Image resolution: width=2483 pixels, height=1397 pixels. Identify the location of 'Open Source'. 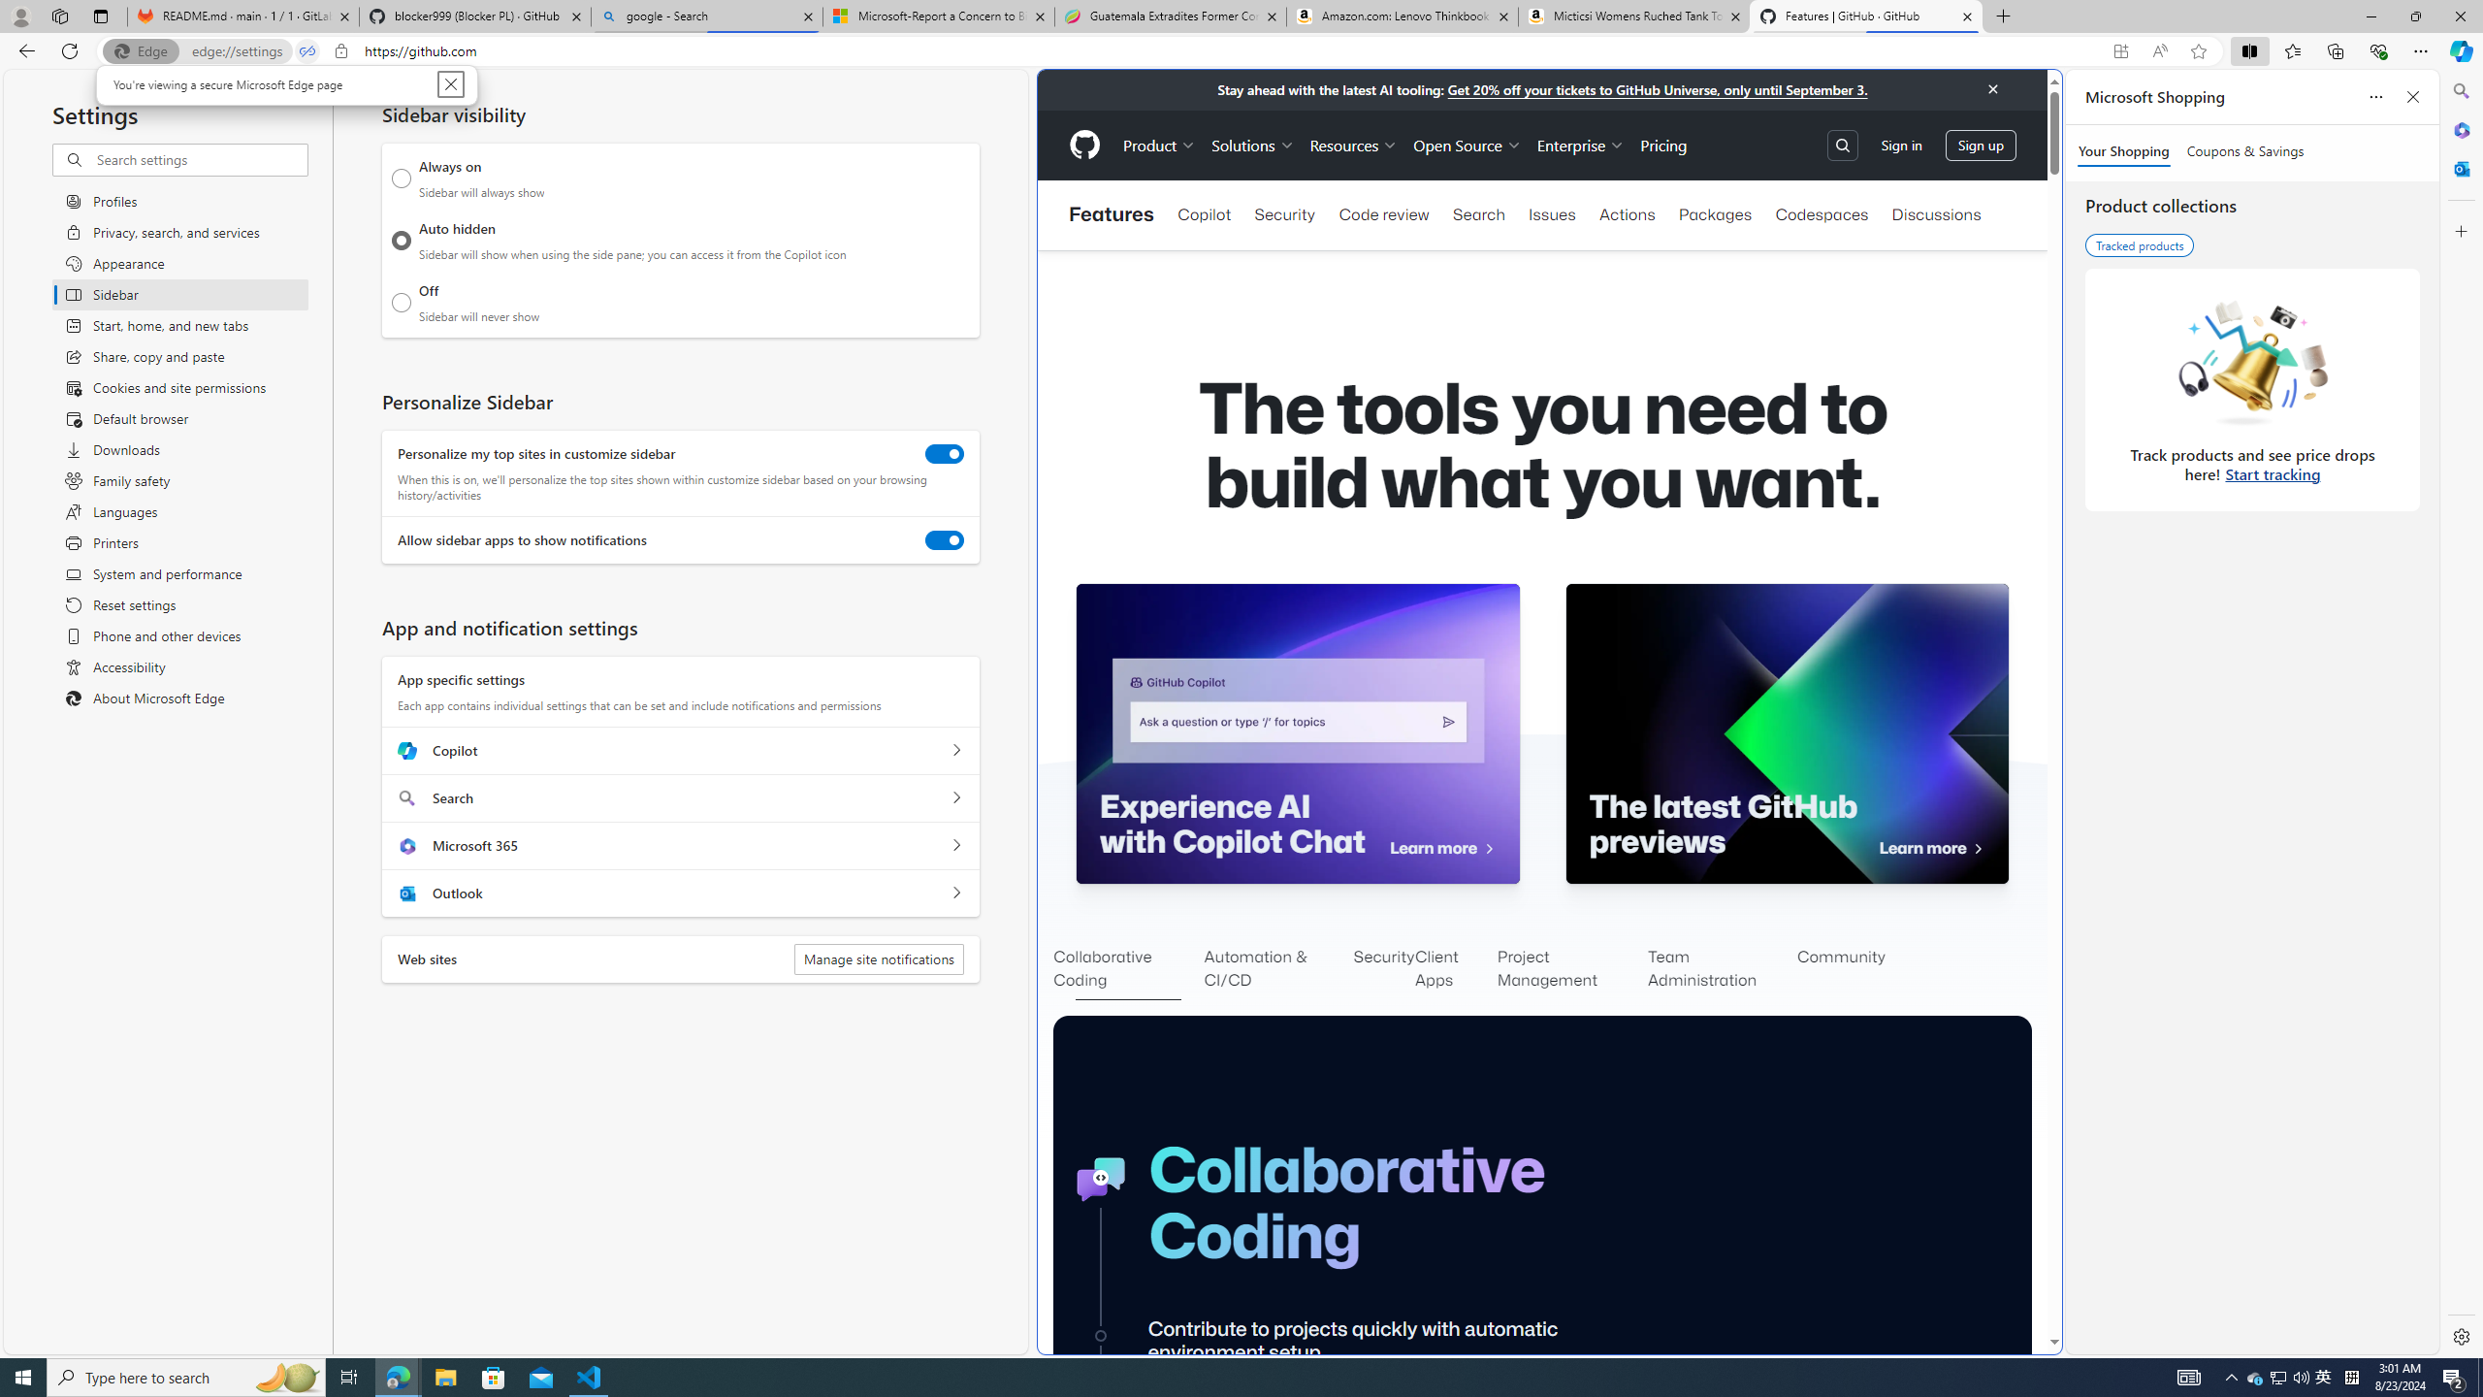
(1467, 145).